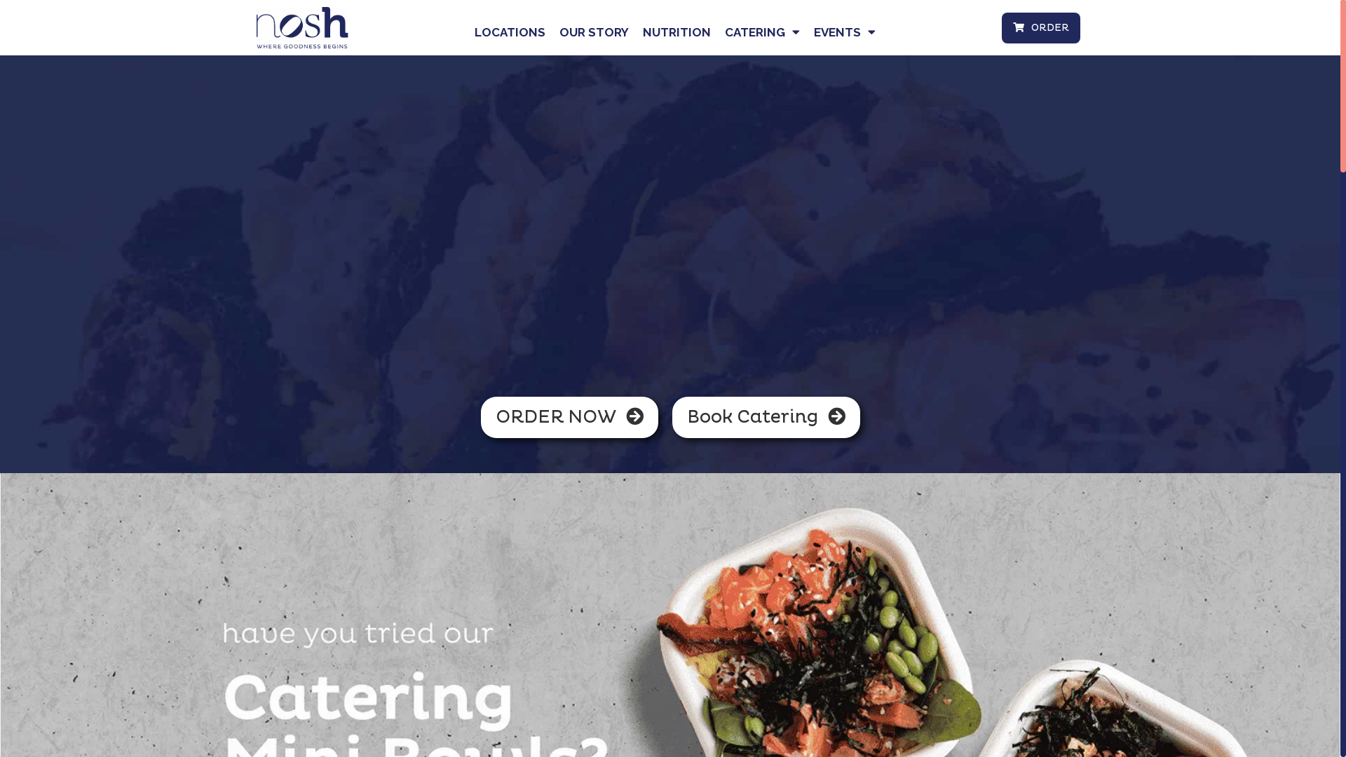  What do you see at coordinates (677, 32) in the screenshot?
I see `'NUTRITION'` at bounding box center [677, 32].